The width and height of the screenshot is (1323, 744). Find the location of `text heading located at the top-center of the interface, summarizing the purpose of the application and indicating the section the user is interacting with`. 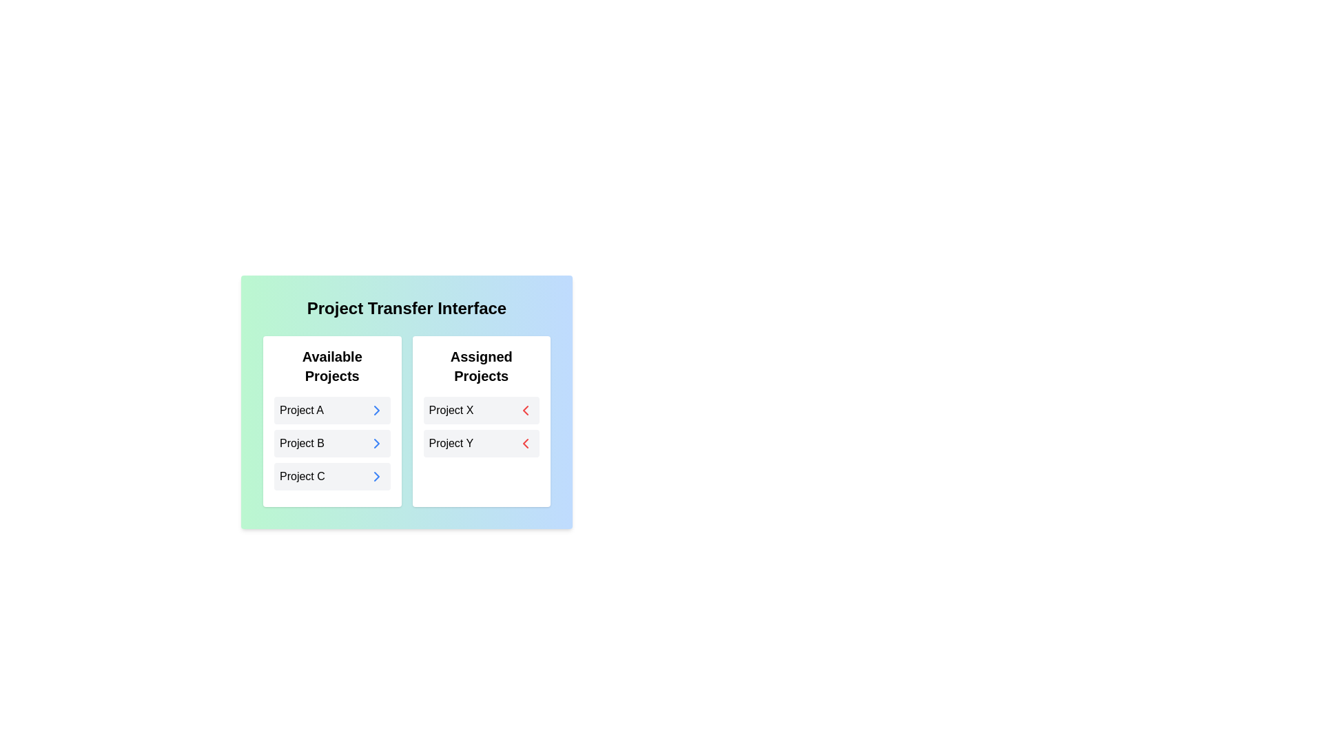

text heading located at the top-center of the interface, summarizing the purpose of the application and indicating the section the user is interacting with is located at coordinates (406, 307).